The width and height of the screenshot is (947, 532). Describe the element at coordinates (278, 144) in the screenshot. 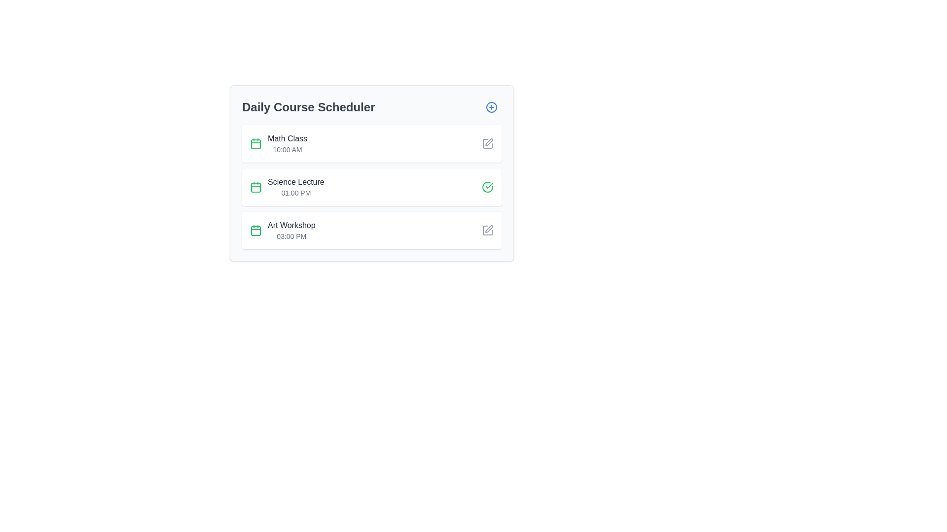

I see `the 'Math Class' event item in the 'Daily Course Scheduler' card` at that location.